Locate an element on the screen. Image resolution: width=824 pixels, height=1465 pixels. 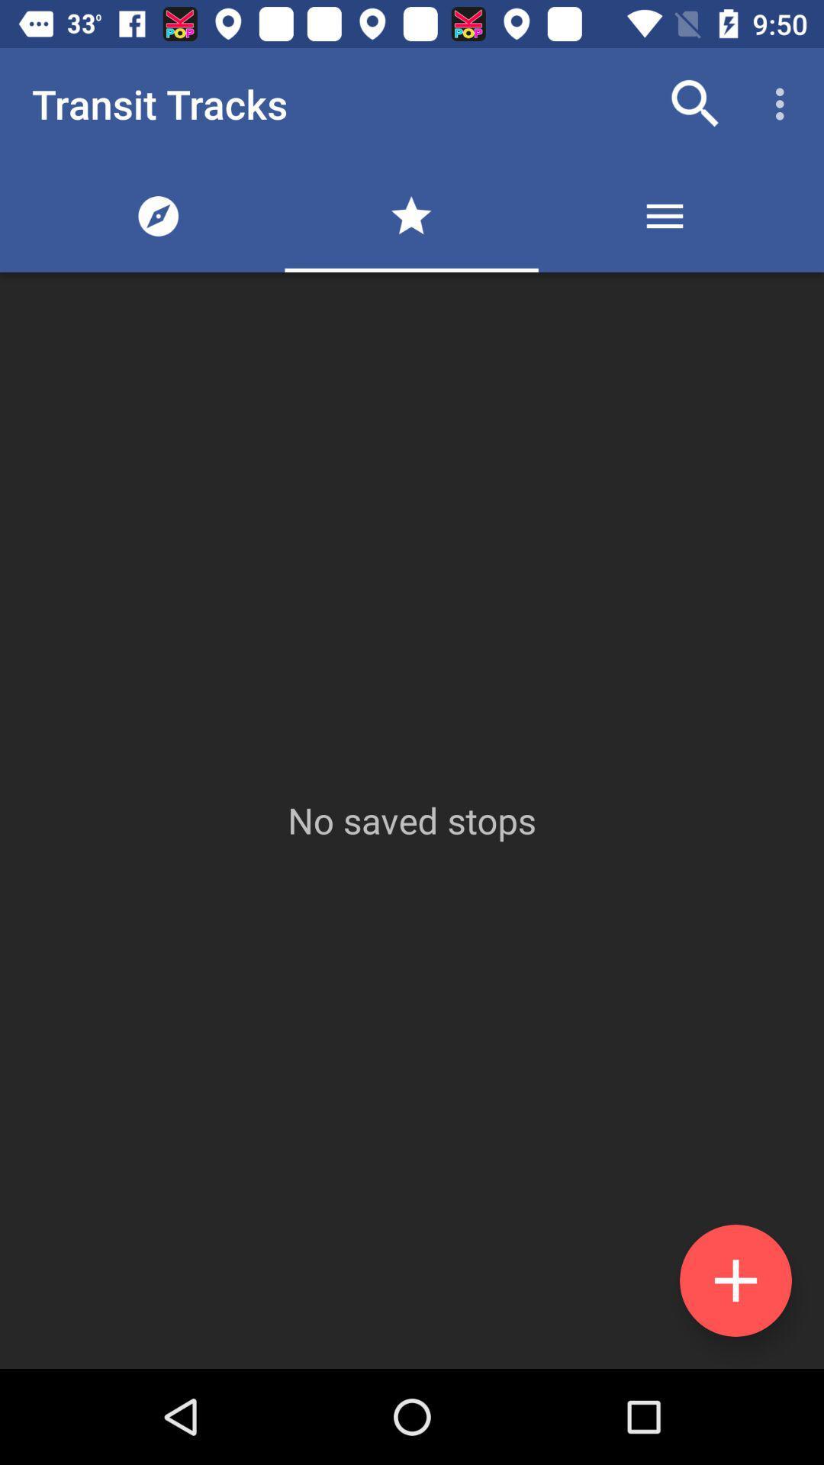
the add icon is located at coordinates (735, 1280).